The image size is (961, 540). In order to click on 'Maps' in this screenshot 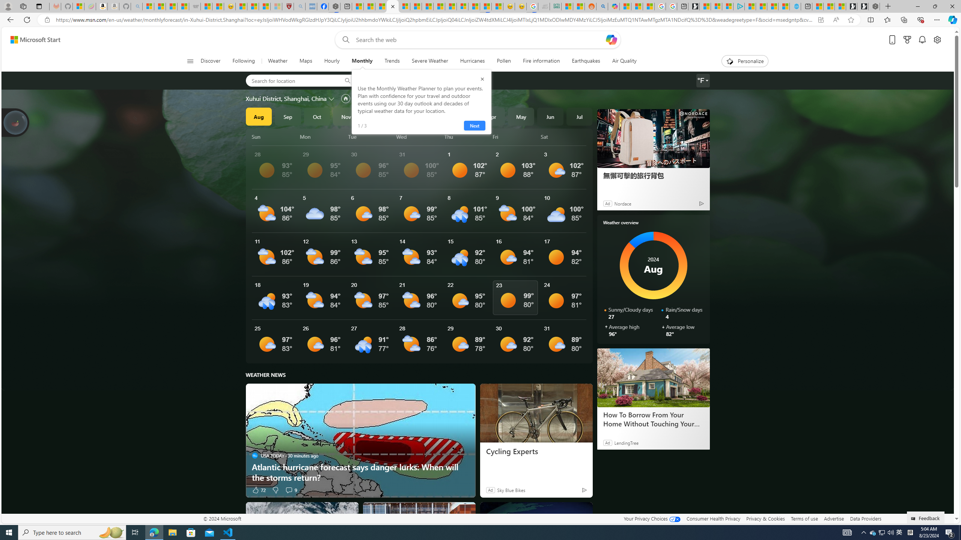, I will do `click(306, 61)`.